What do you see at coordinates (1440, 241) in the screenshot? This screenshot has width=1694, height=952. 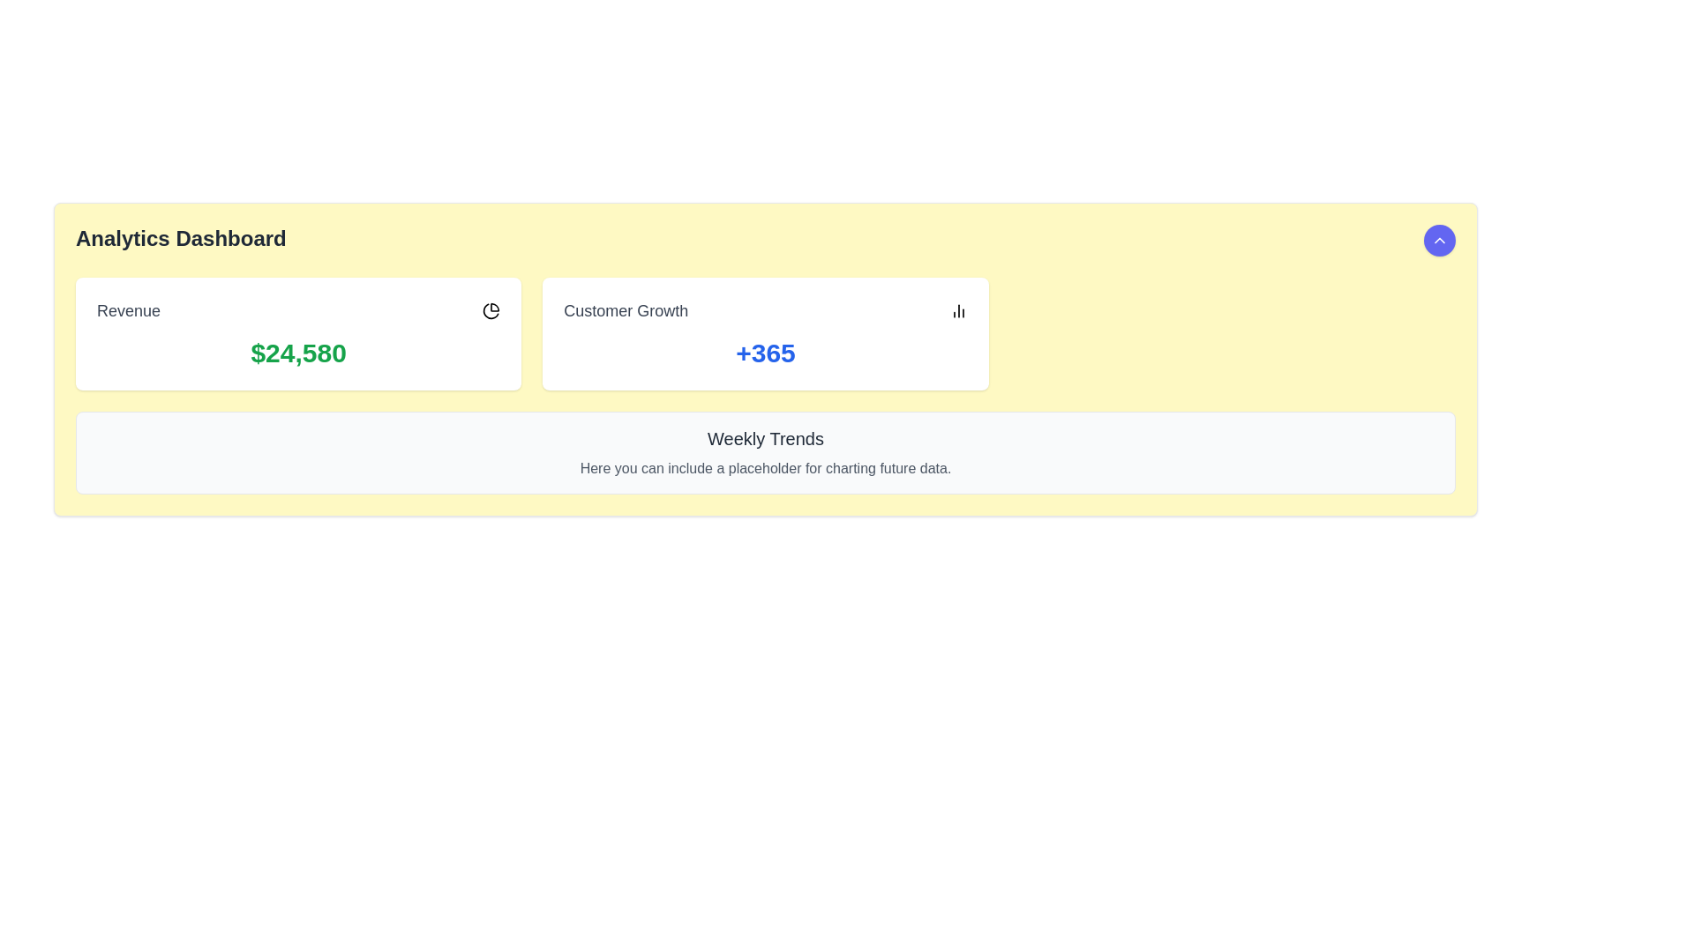 I see `the circular button with a blue background and white upward-pointing arrow icon located at the top-right corner of the 'Analytics Dashboard' to trigger a tooltip or visual feedback` at bounding box center [1440, 241].